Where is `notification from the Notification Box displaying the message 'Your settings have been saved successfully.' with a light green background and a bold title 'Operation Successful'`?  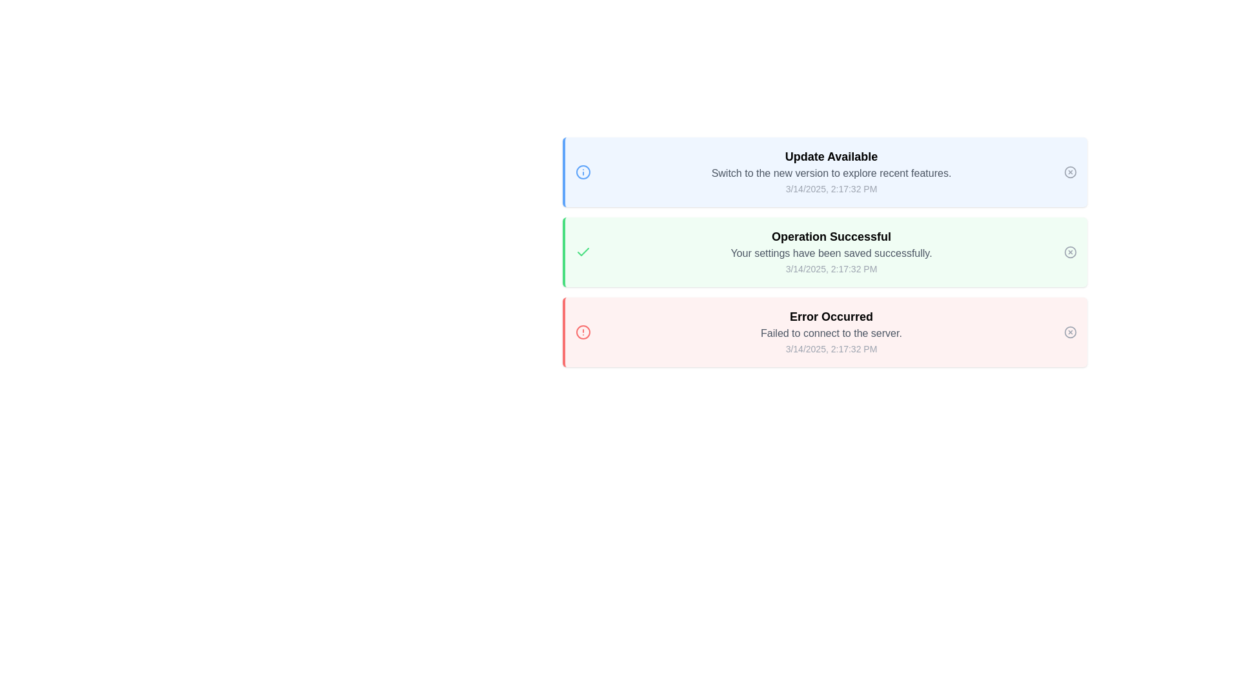 notification from the Notification Box displaying the message 'Your settings have been saved successfully.' with a light green background and a bold title 'Operation Successful' is located at coordinates (824, 252).